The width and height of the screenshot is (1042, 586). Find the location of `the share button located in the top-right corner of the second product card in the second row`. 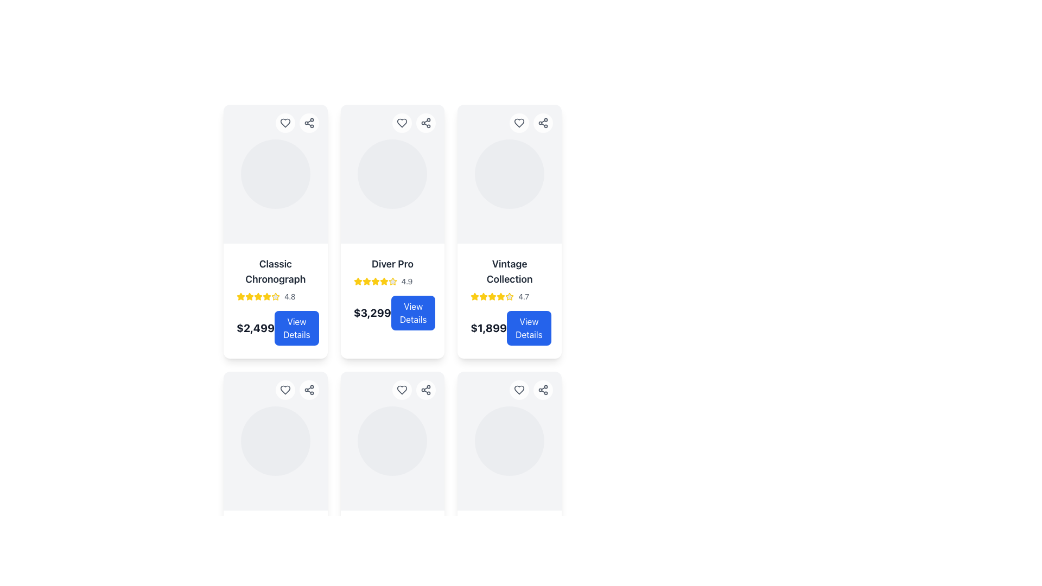

the share button located in the top-right corner of the second product card in the second row is located at coordinates (425, 389).